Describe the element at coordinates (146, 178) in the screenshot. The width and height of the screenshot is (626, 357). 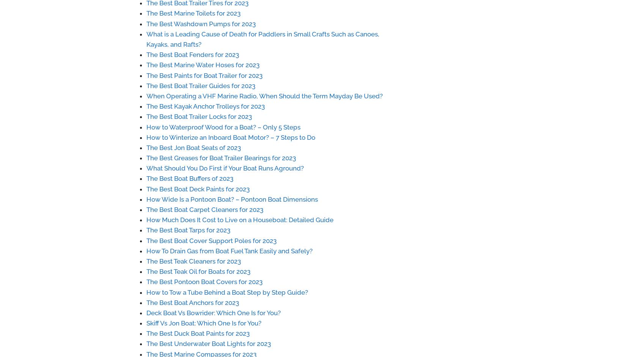
I see `'The Best Boat Buffers of 2023'` at that location.